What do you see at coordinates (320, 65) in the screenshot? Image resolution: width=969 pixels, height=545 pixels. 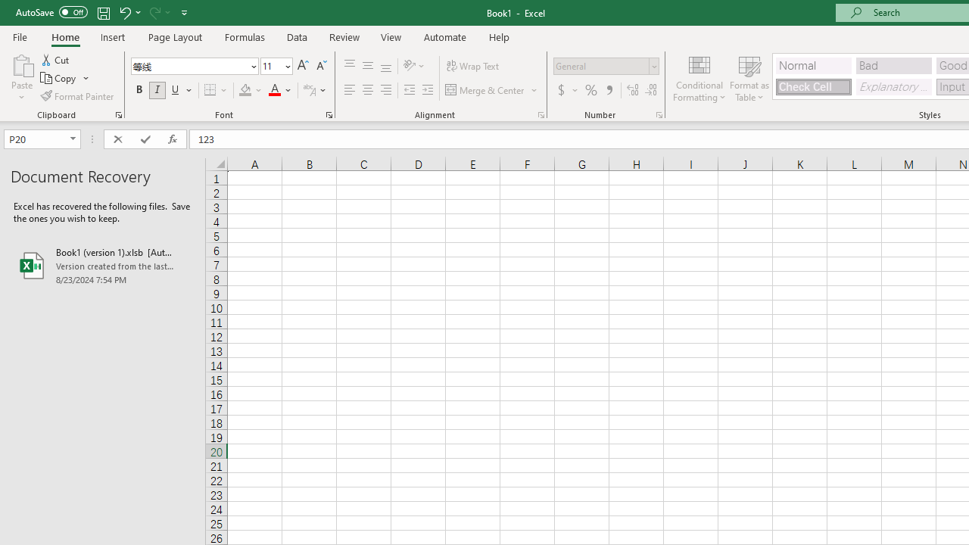 I see `'Decrease Font Size'` at bounding box center [320, 65].